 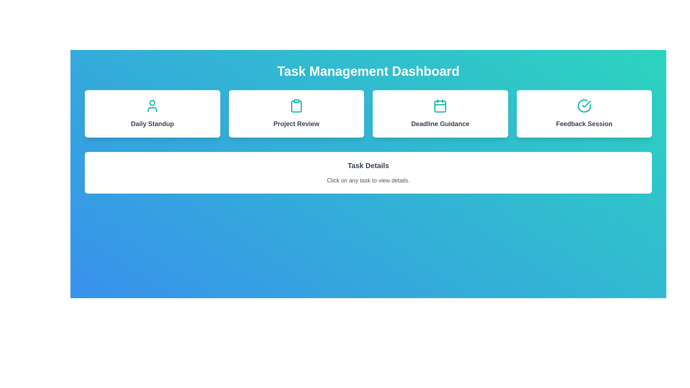 What do you see at coordinates (440, 106) in the screenshot?
I see `the calendar icon in the top-right quadrant of the 'Deadline Guidance' section, which visually represents deadline-related functionality` at bounding box center [440, 106].